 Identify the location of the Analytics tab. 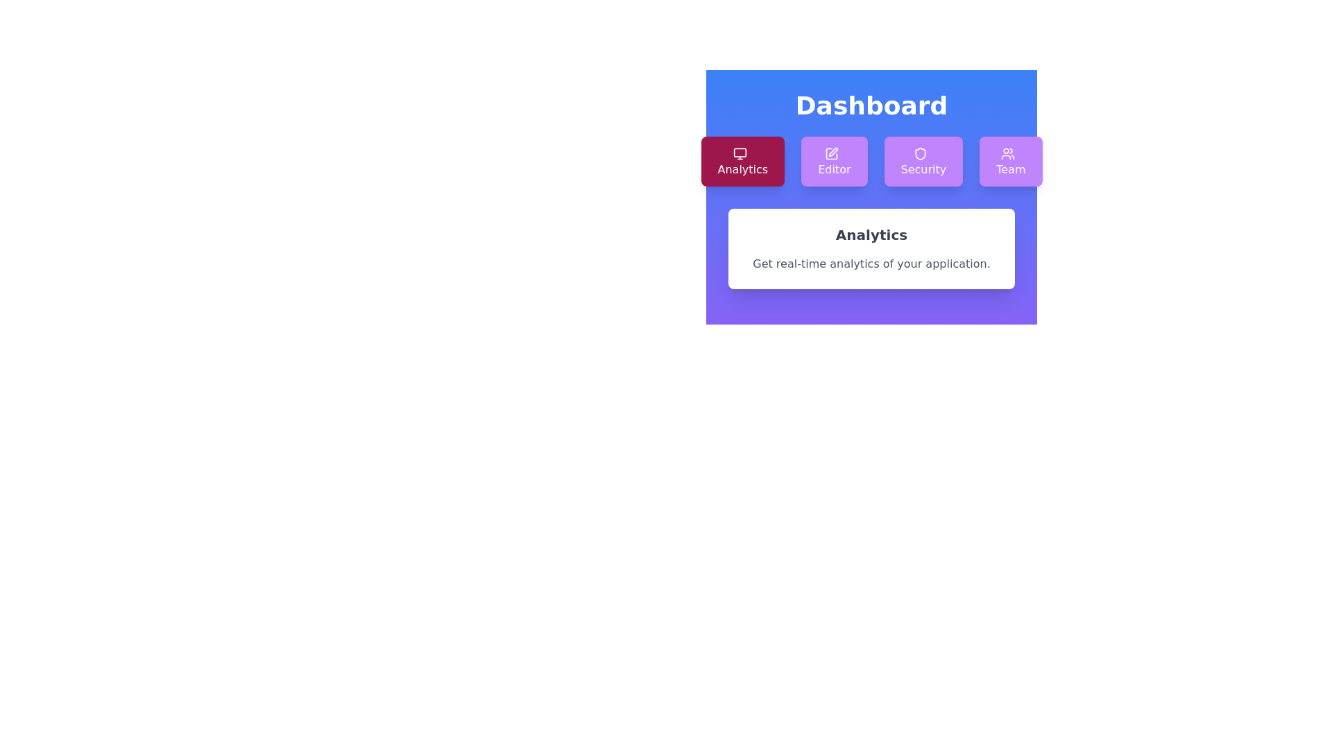
(742, 160).